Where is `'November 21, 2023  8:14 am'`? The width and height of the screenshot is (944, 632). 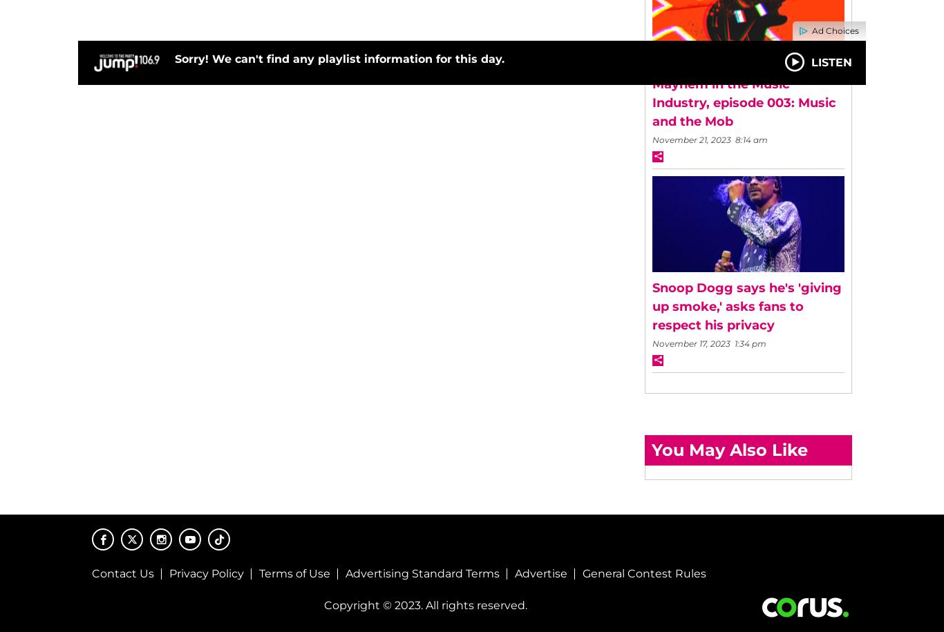
'November 21, 2023  8:14 am' is located at coordinates (709, 139).